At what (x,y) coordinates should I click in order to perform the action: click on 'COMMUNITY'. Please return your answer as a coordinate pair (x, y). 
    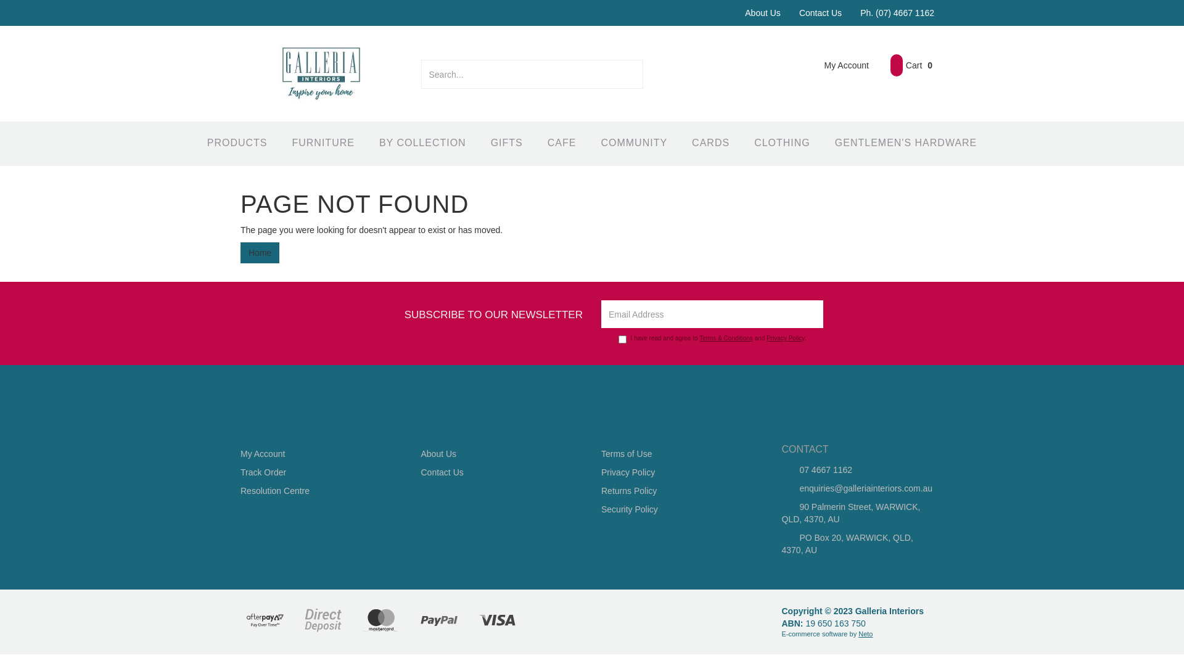
    Looking at the image, I should click on (633, 142).